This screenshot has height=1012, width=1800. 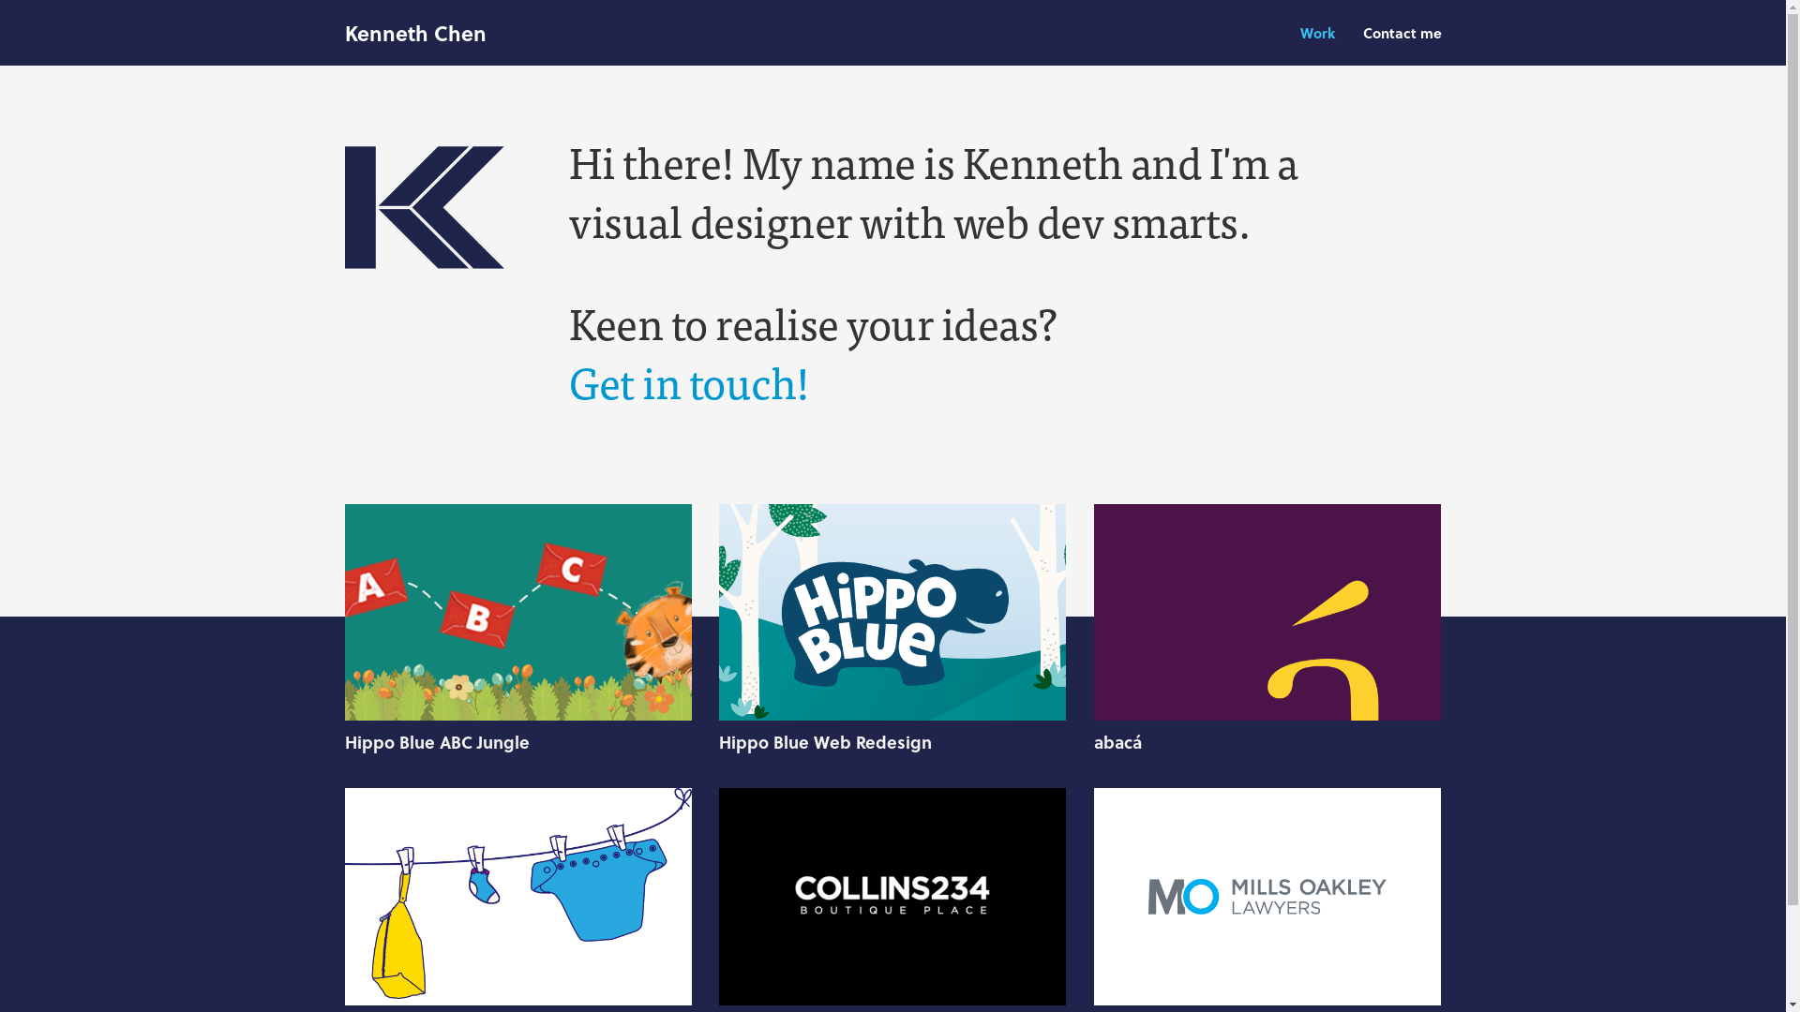 I want to click on 'Kenneth Chen', so click(x=414, y=32).